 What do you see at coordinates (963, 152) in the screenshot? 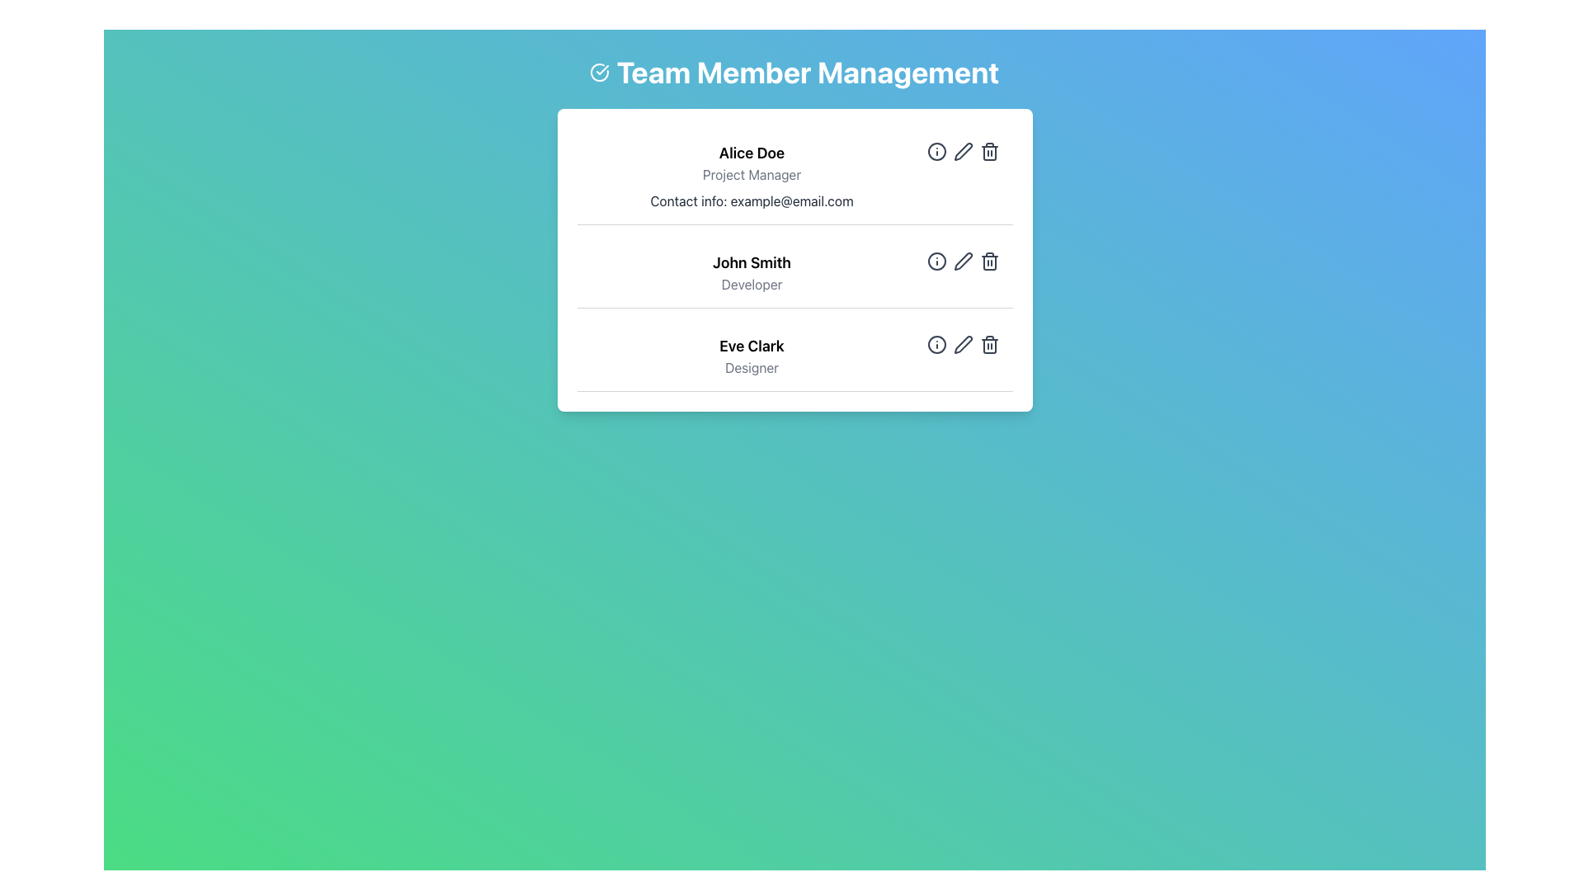
I see `the editing button located in the first user card, which is the second interactive icon from the left` at bounding box center [963, 152].